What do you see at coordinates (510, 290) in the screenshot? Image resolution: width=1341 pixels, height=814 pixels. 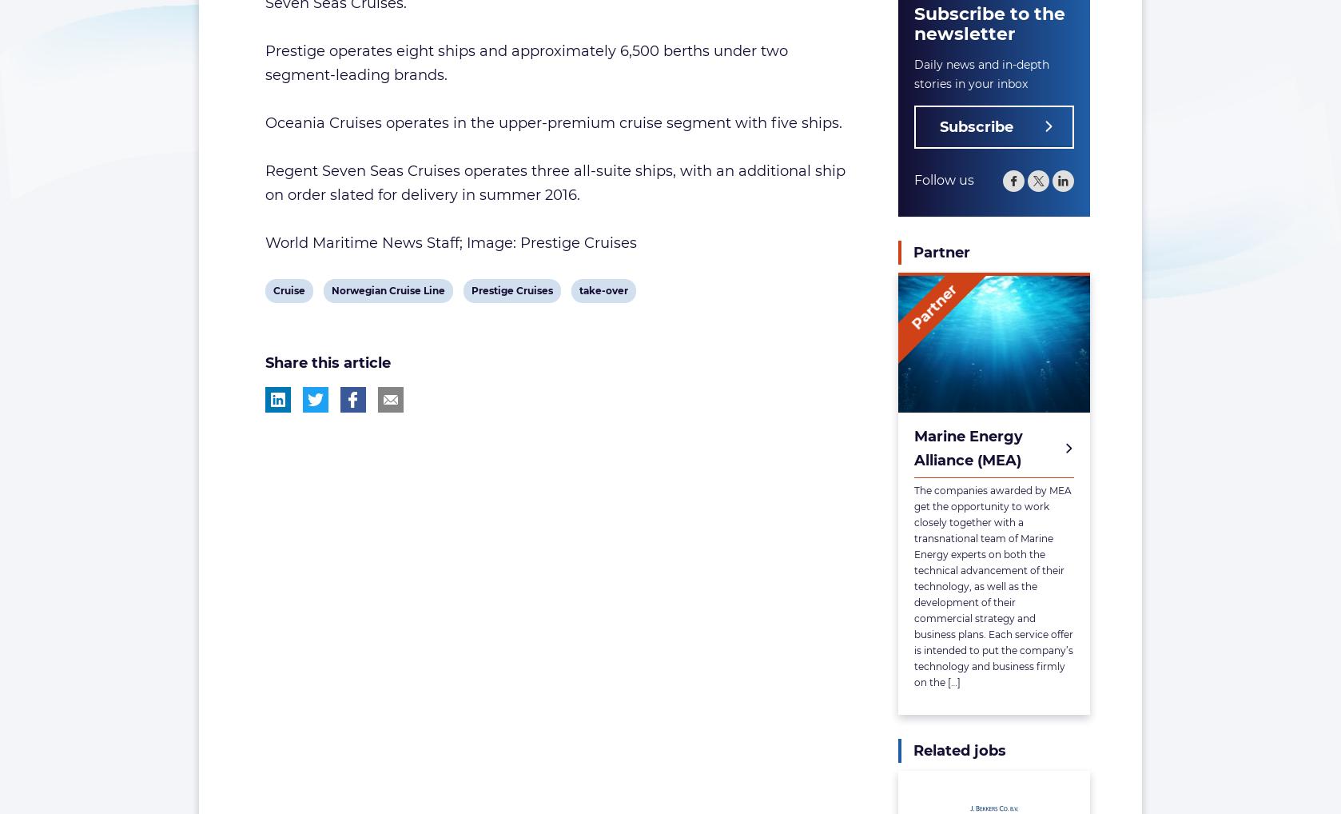 I see `'Prestige Cruises'` at bounding box center [510, 290].